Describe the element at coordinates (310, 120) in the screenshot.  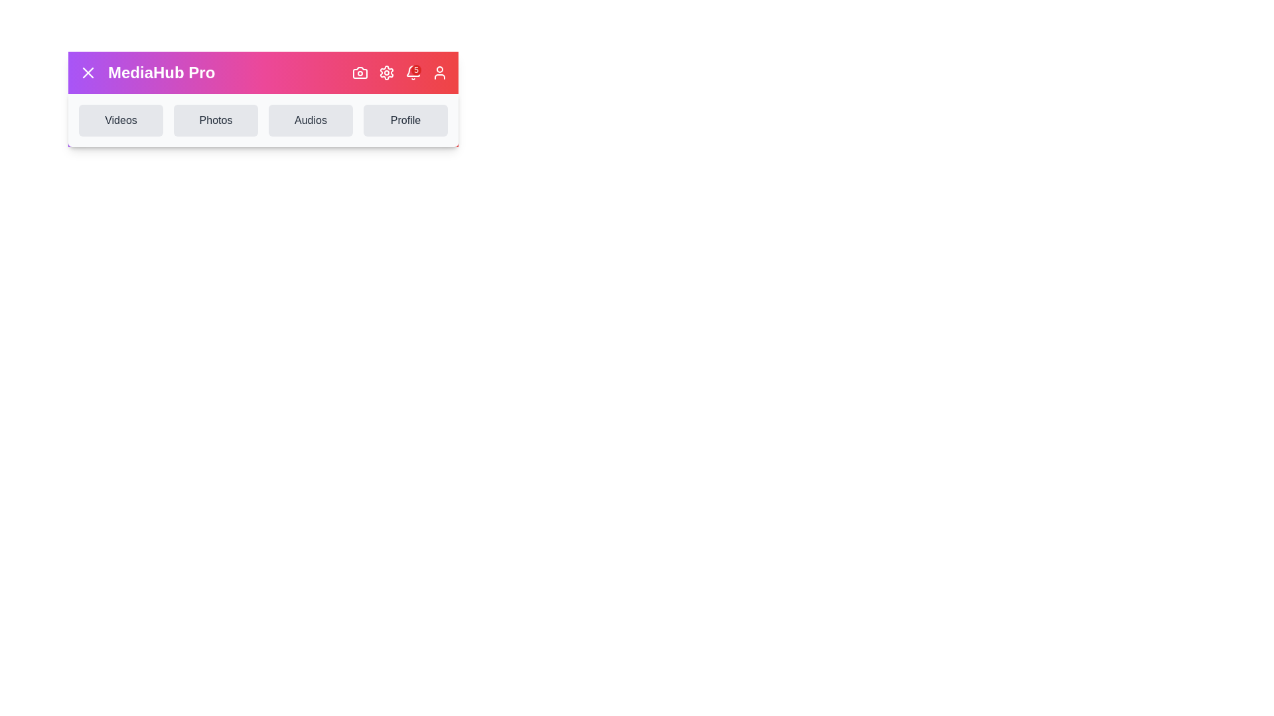
I see `the menu item Audios to navigate to the respective section` at that location.